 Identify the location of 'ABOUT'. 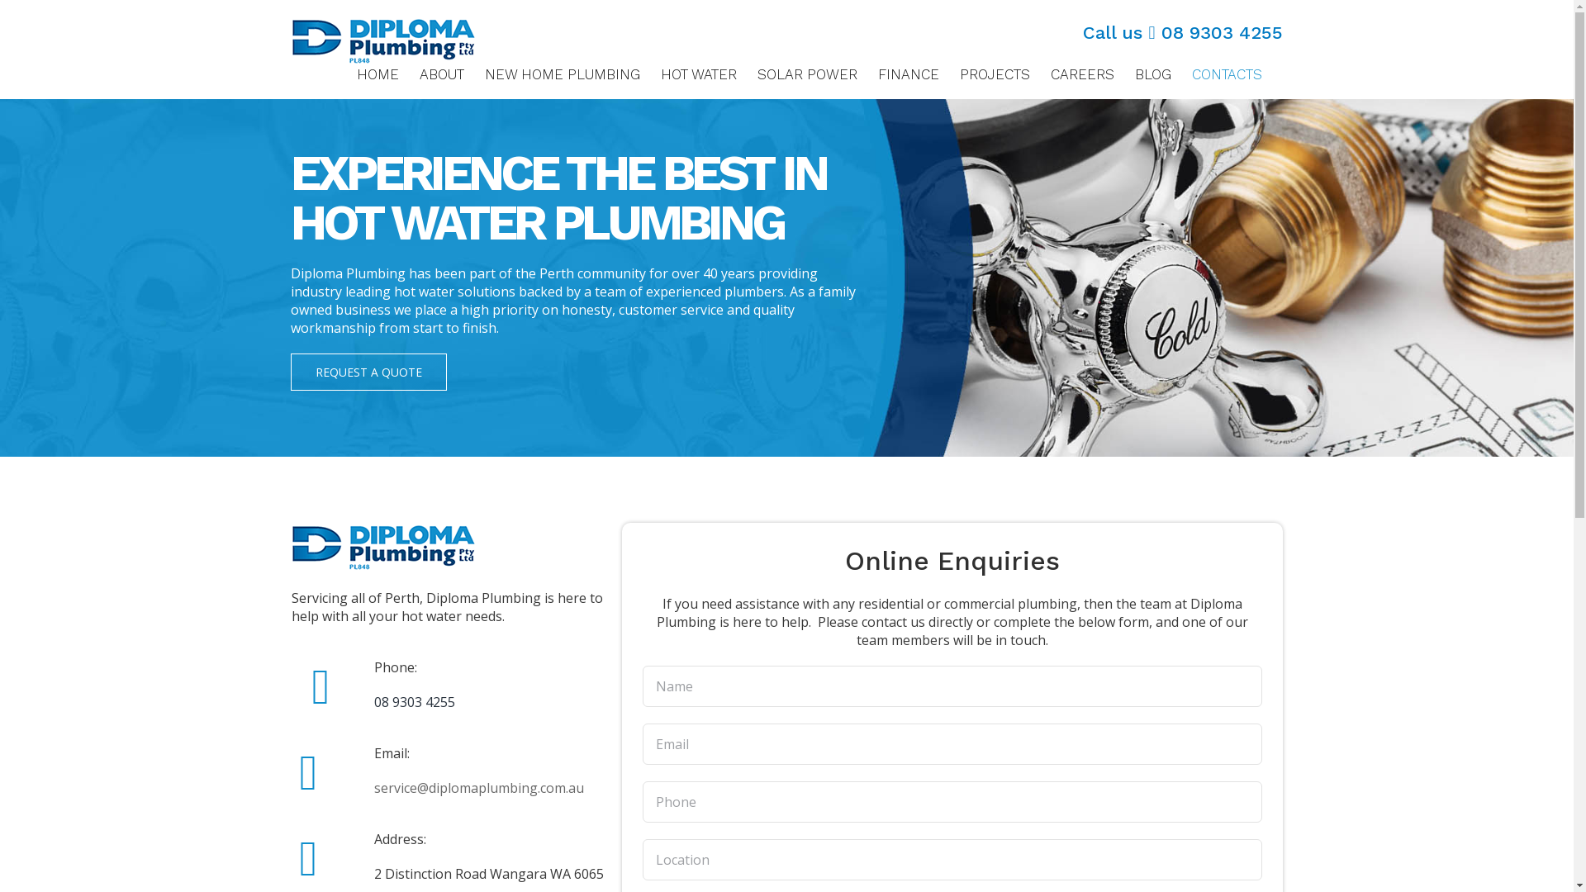
(441, 73).